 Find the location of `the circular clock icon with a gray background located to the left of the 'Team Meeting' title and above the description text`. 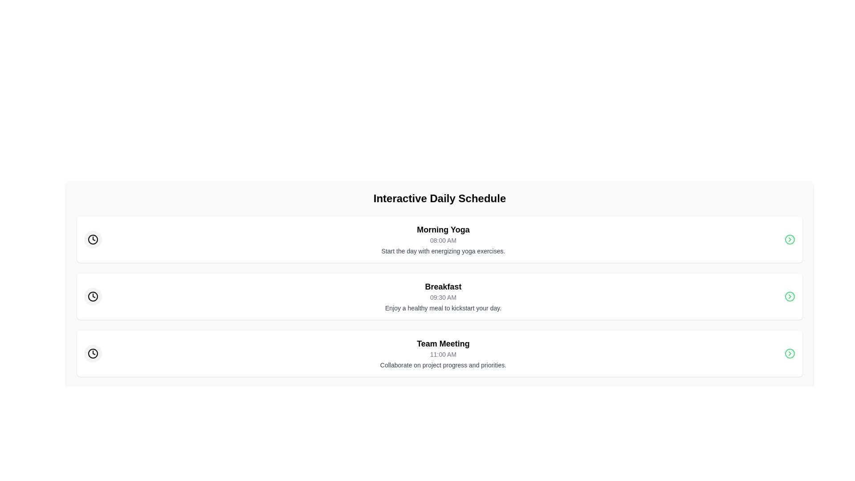

the circular clock icon with a gray background located to the left of the 'Team Meeting' title and above the description text is located at coordinates (93, 353).